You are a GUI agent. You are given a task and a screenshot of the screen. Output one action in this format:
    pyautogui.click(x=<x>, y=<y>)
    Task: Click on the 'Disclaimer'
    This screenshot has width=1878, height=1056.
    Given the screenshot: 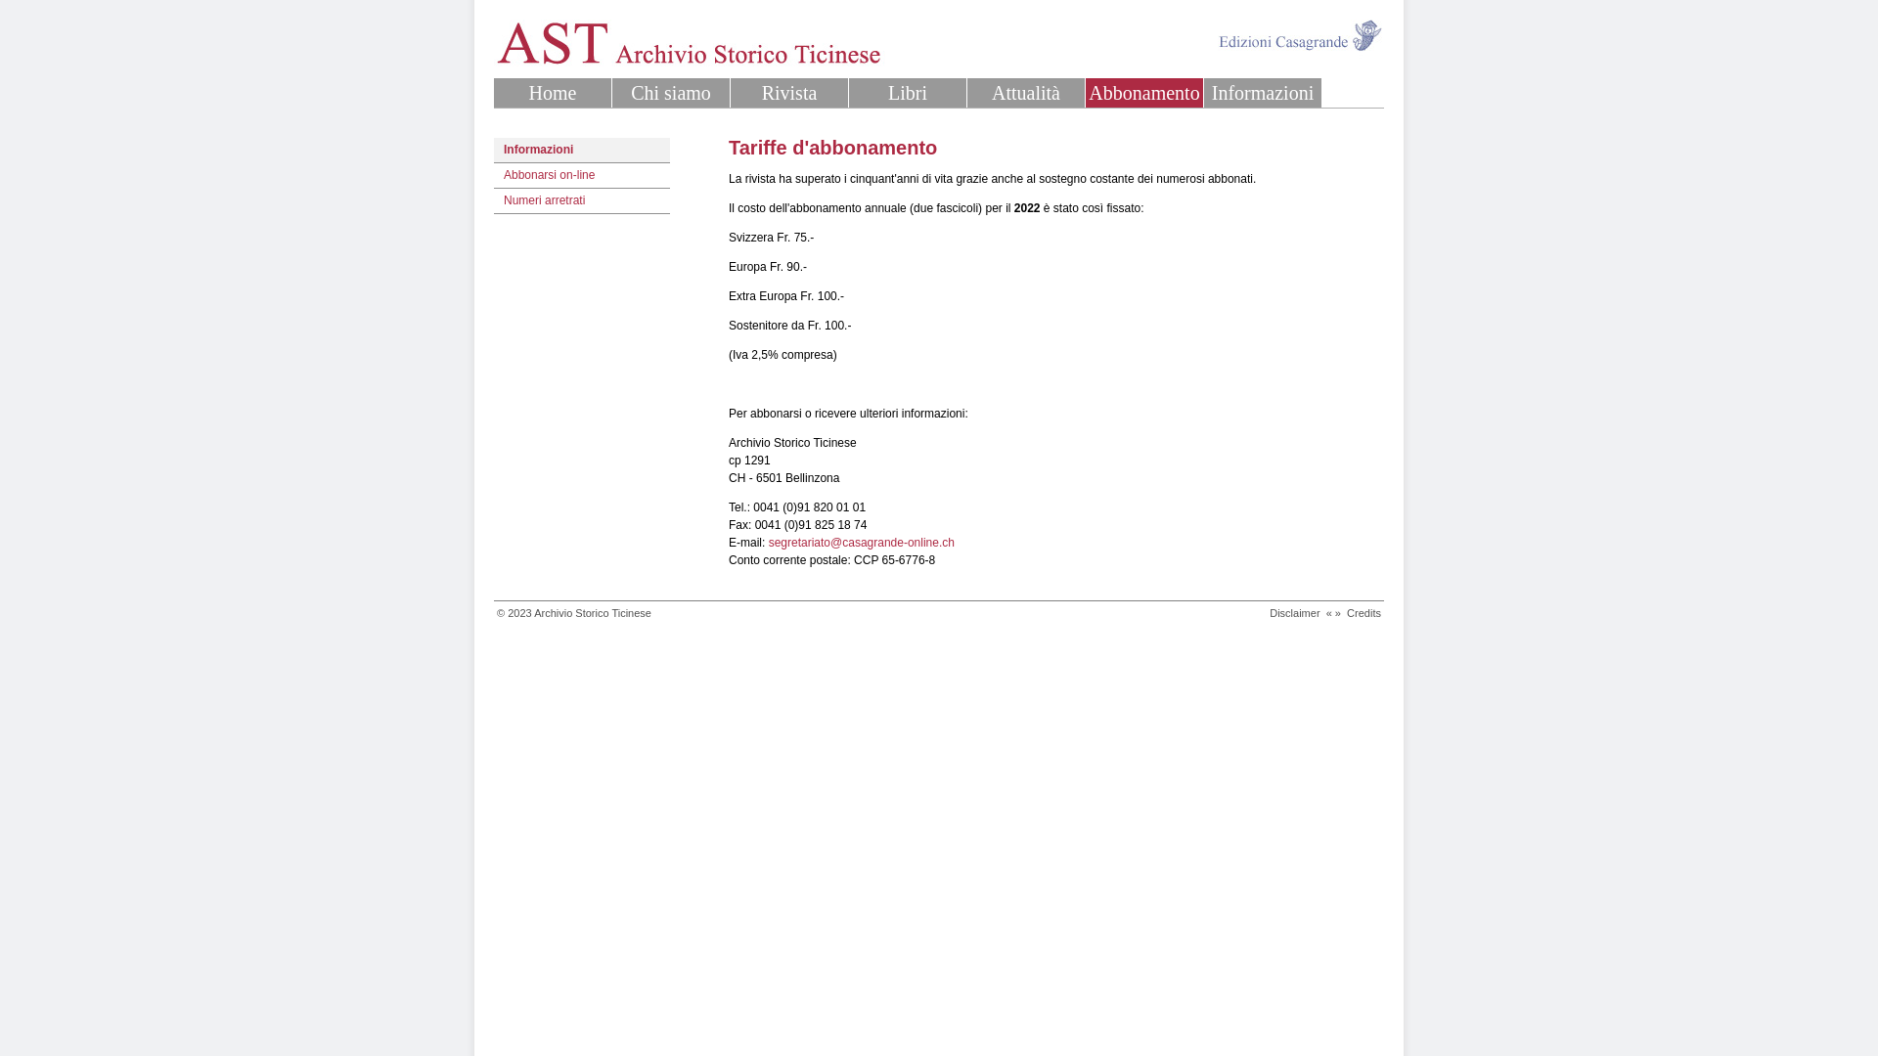 What is the action you would take?
    pyautogui.click(x=1269, y=612)
    